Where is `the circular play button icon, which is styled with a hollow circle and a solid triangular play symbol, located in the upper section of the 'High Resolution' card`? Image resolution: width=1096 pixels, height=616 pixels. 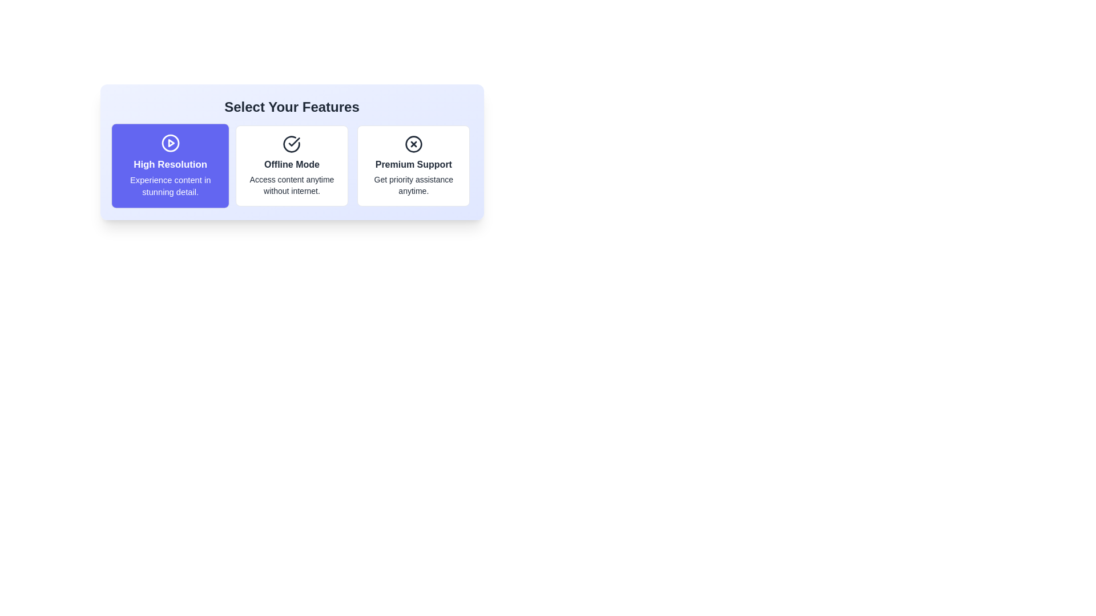 the circular play button icon, which is styled with a hollow circle and a solid triangular play symbol, located in the upper section of the 'High Resolution' card is located at coordinates (170, 143).